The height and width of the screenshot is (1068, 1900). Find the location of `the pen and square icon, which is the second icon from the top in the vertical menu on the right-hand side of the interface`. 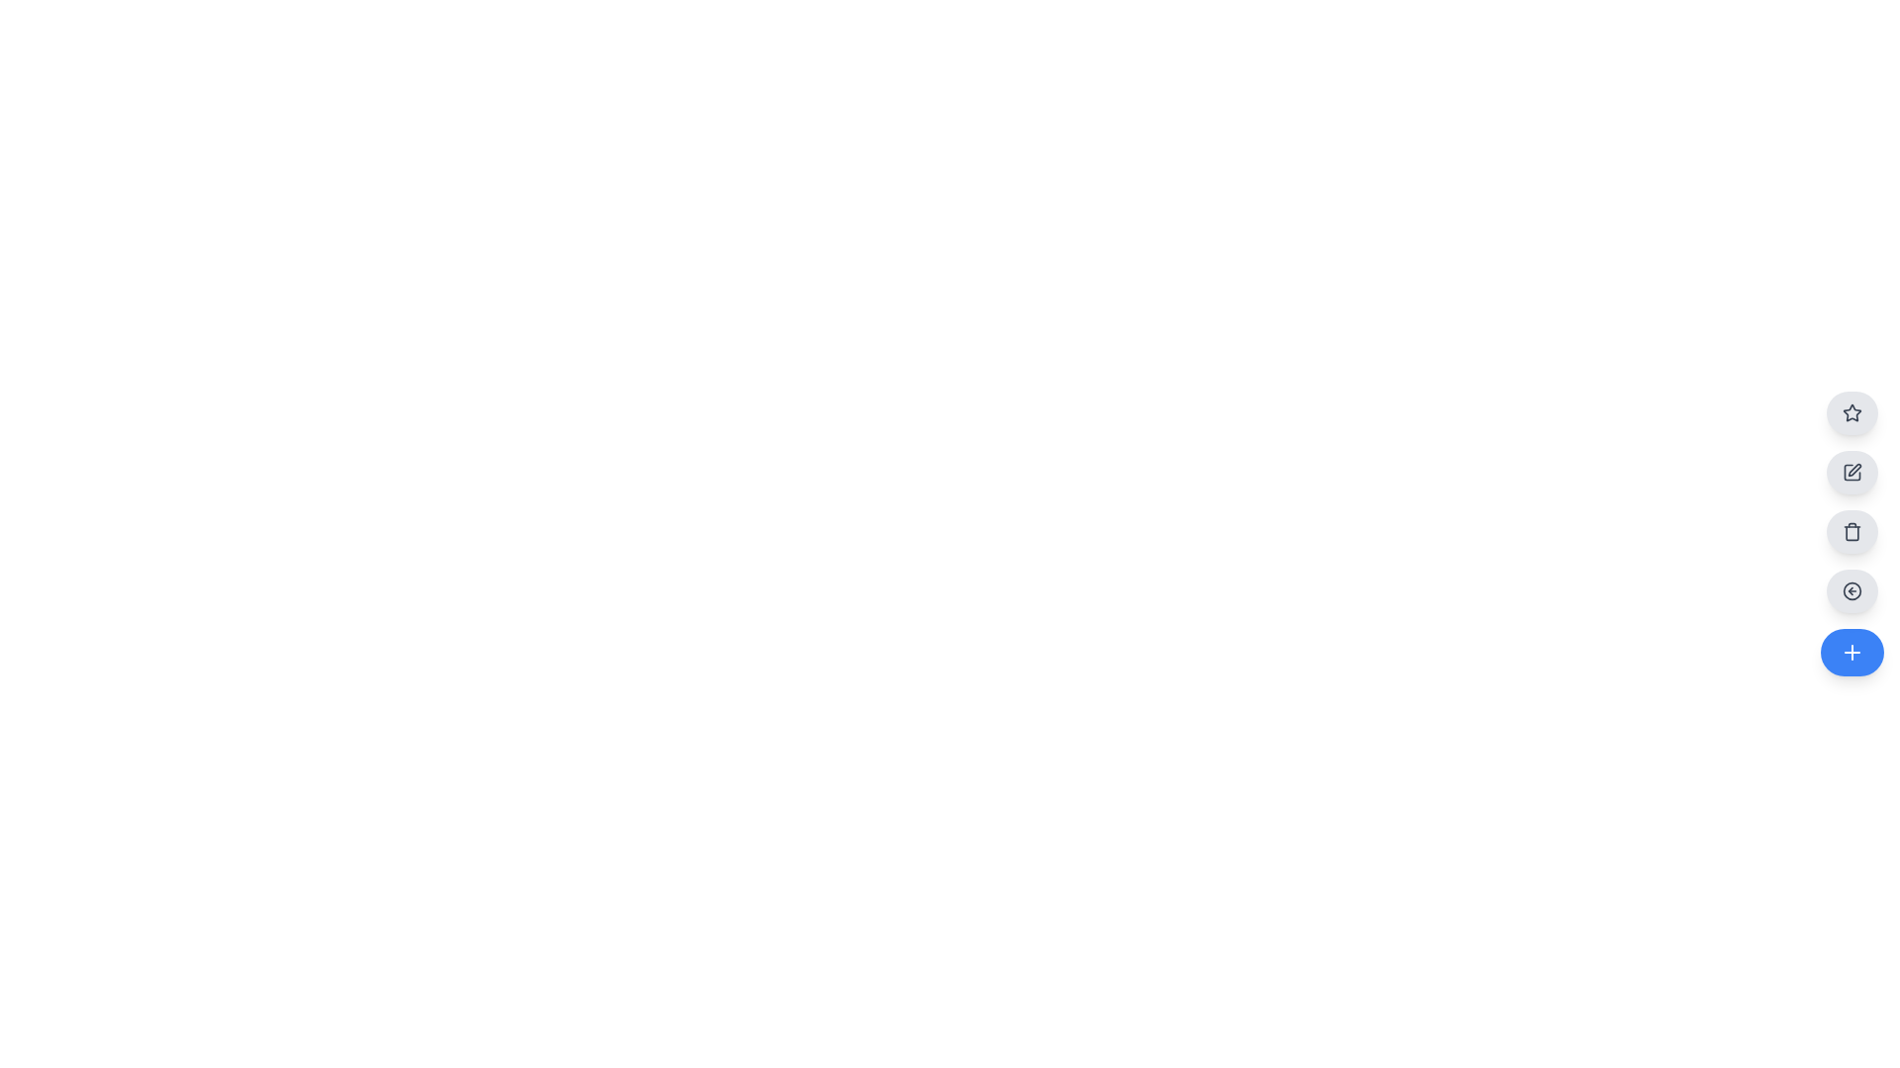

the pen and square icon, which is the second icon from the top in the vertical menu on the right-hand side of the interface is located at coordinates (1852, 473).